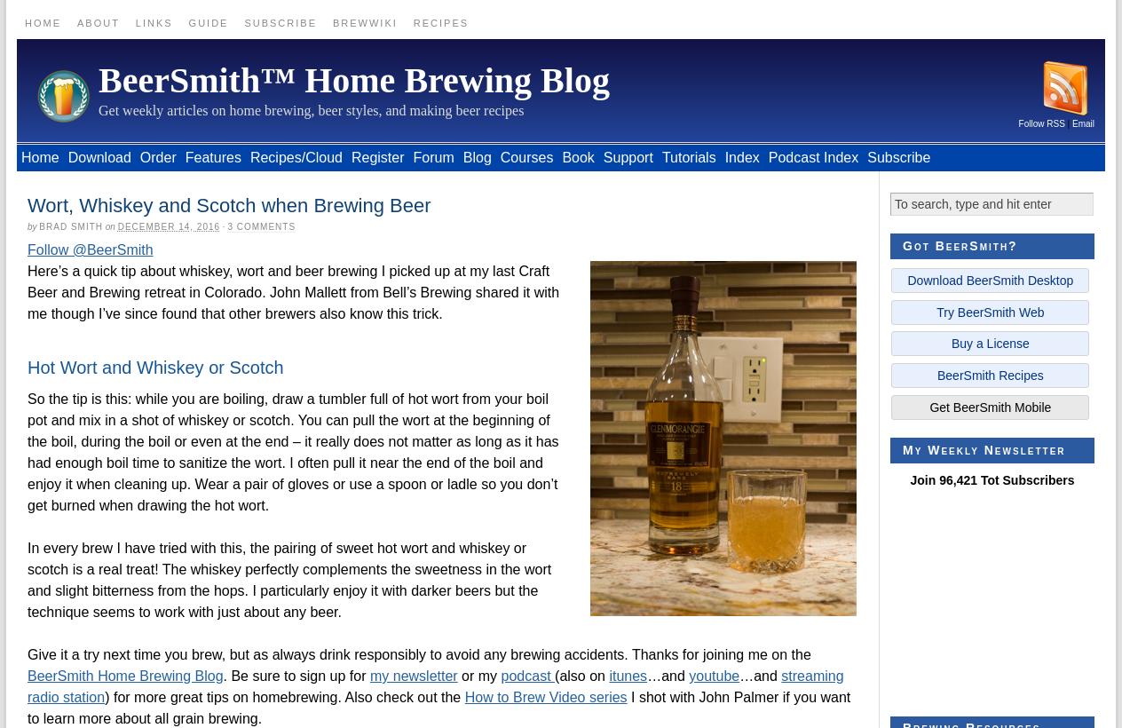  Describe the element at coordinates (439, 708) in the screenshot. I see `'I shot with John Palmer if you want to learn more about all grain brewing.'` at that location.